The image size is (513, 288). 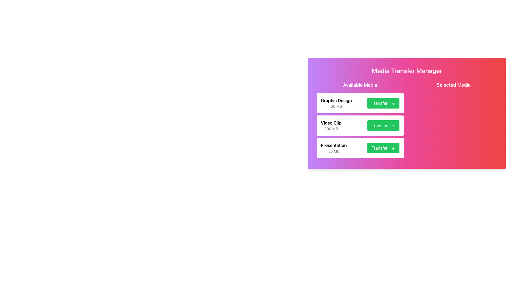 What do you see at coordinates (394, 148) in the screenshot?
I see `the right-facing arrow icon embedded within the green 'Transfer' button` at bounding box center [394, 148].